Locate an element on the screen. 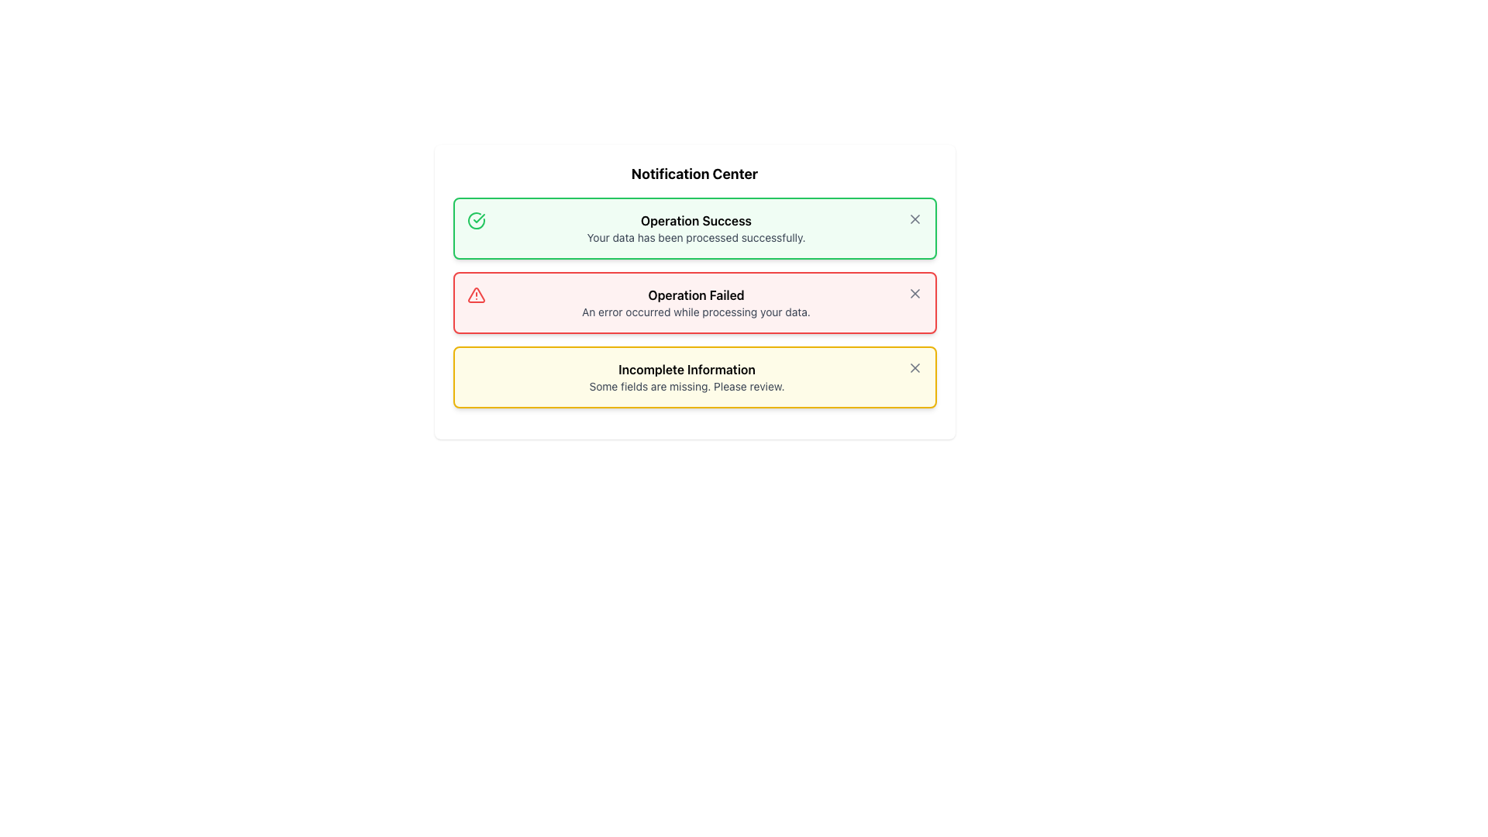 The image size is (1488, 837). the checkmark icon within the 'Operation Success' notification box, which indicates a successful operation is located at coordinates (478, 218).